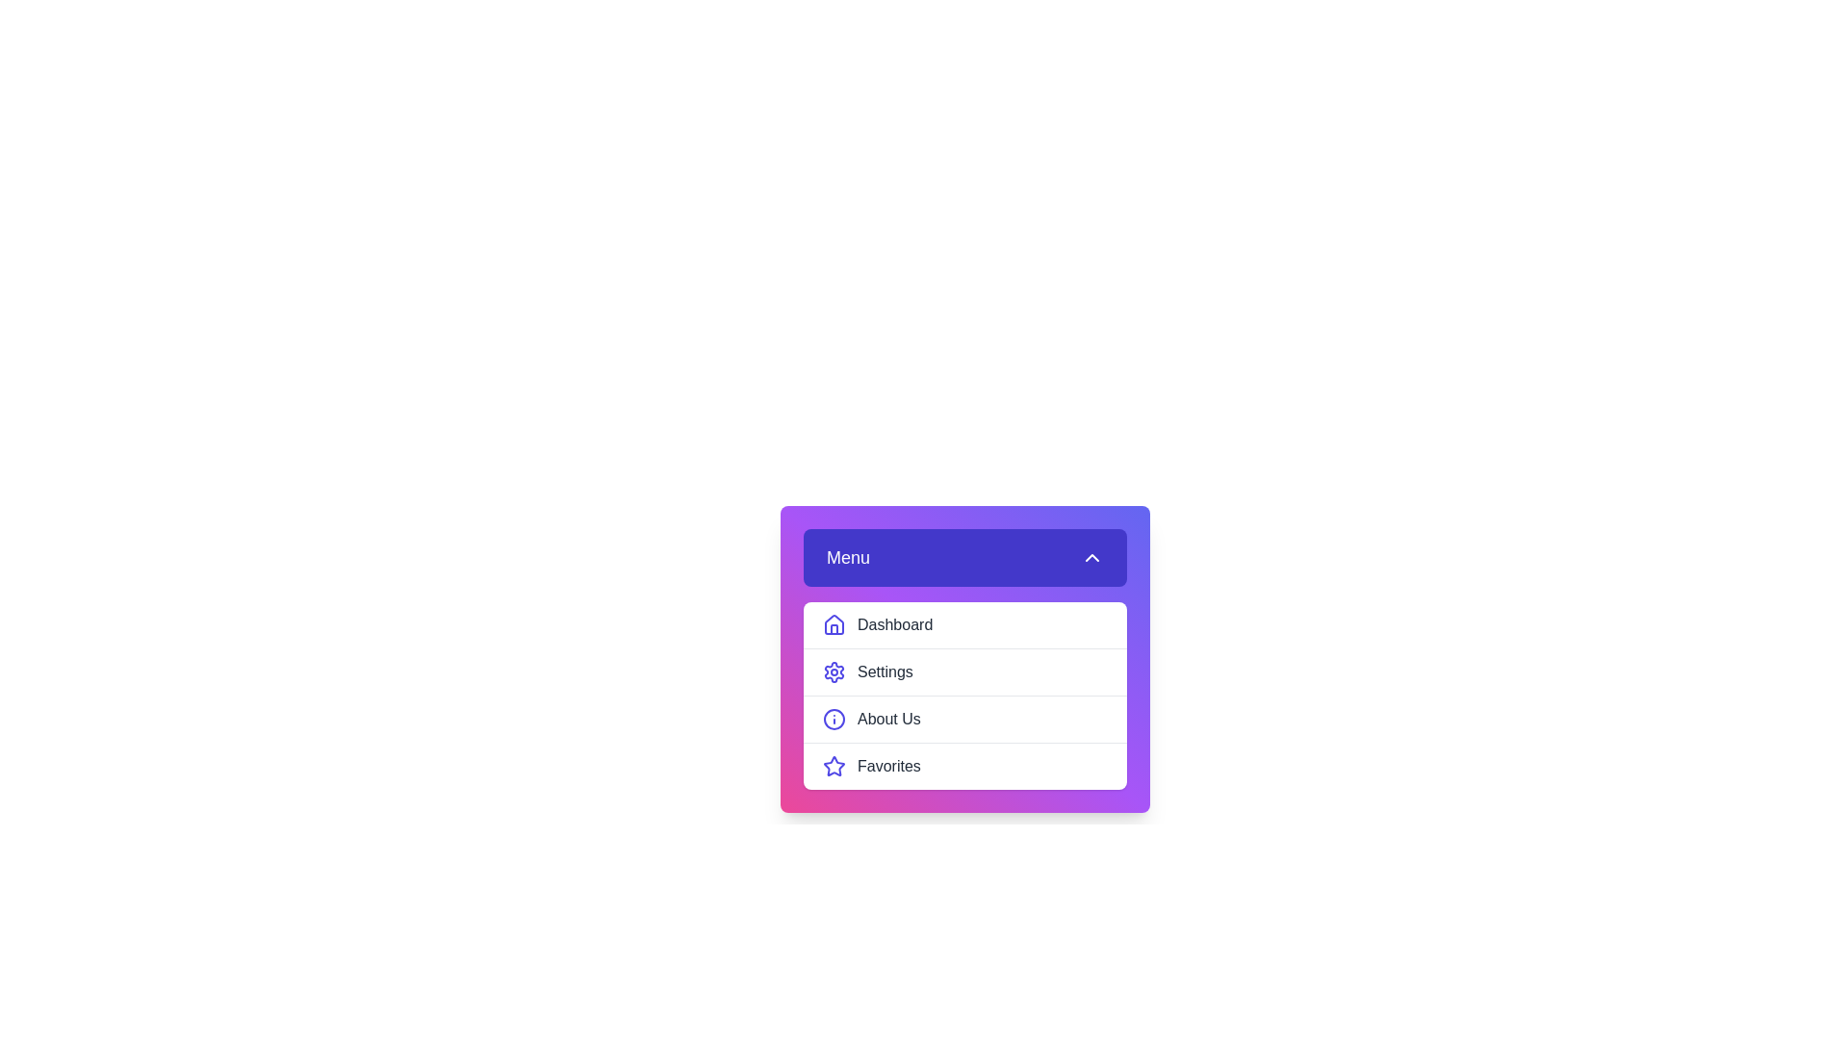 Image resolution: width=1848 pixels, height=1039 pixels. Describe the element at coordinates (834, 766) in the screenshot. I see `the icon next to the menu item Favorites` at that location.